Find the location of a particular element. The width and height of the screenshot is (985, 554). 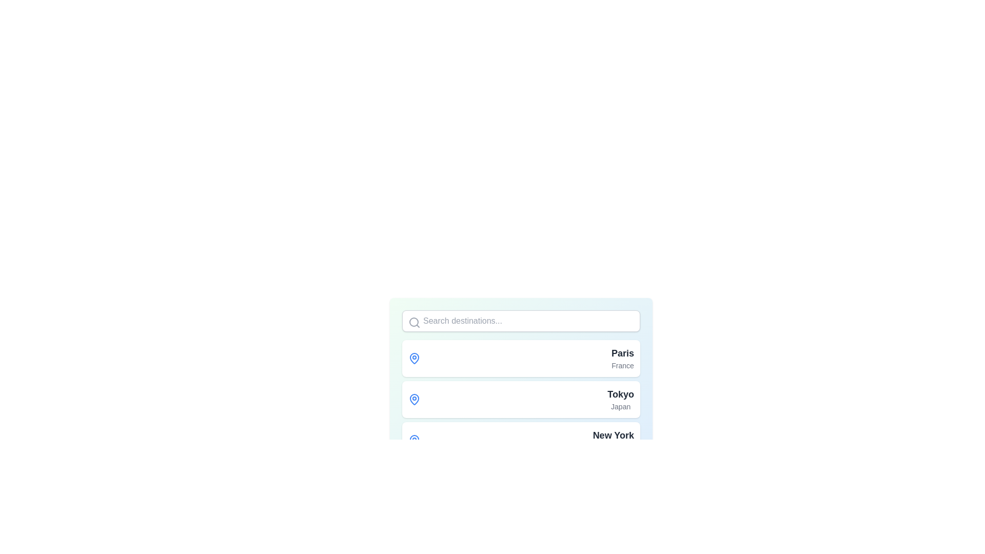

text from the bold 'New York' label located near the bottom-right of the destination list, above the smaller 'USA' text is located at coordinates (613, 435).